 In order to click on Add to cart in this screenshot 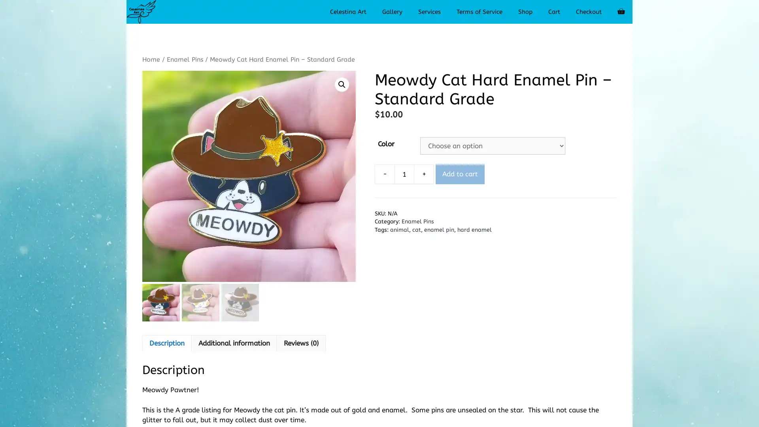, I will do `click(460, 173)`.